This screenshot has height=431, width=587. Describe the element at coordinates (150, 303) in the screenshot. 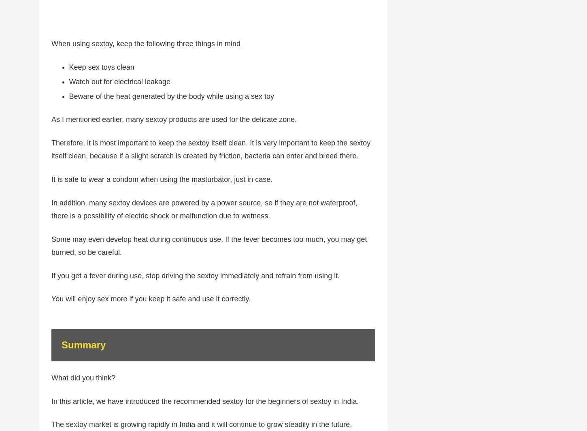

I see `'You will enjoy sex more if you keep it safe and use it correctly.'` at that location.